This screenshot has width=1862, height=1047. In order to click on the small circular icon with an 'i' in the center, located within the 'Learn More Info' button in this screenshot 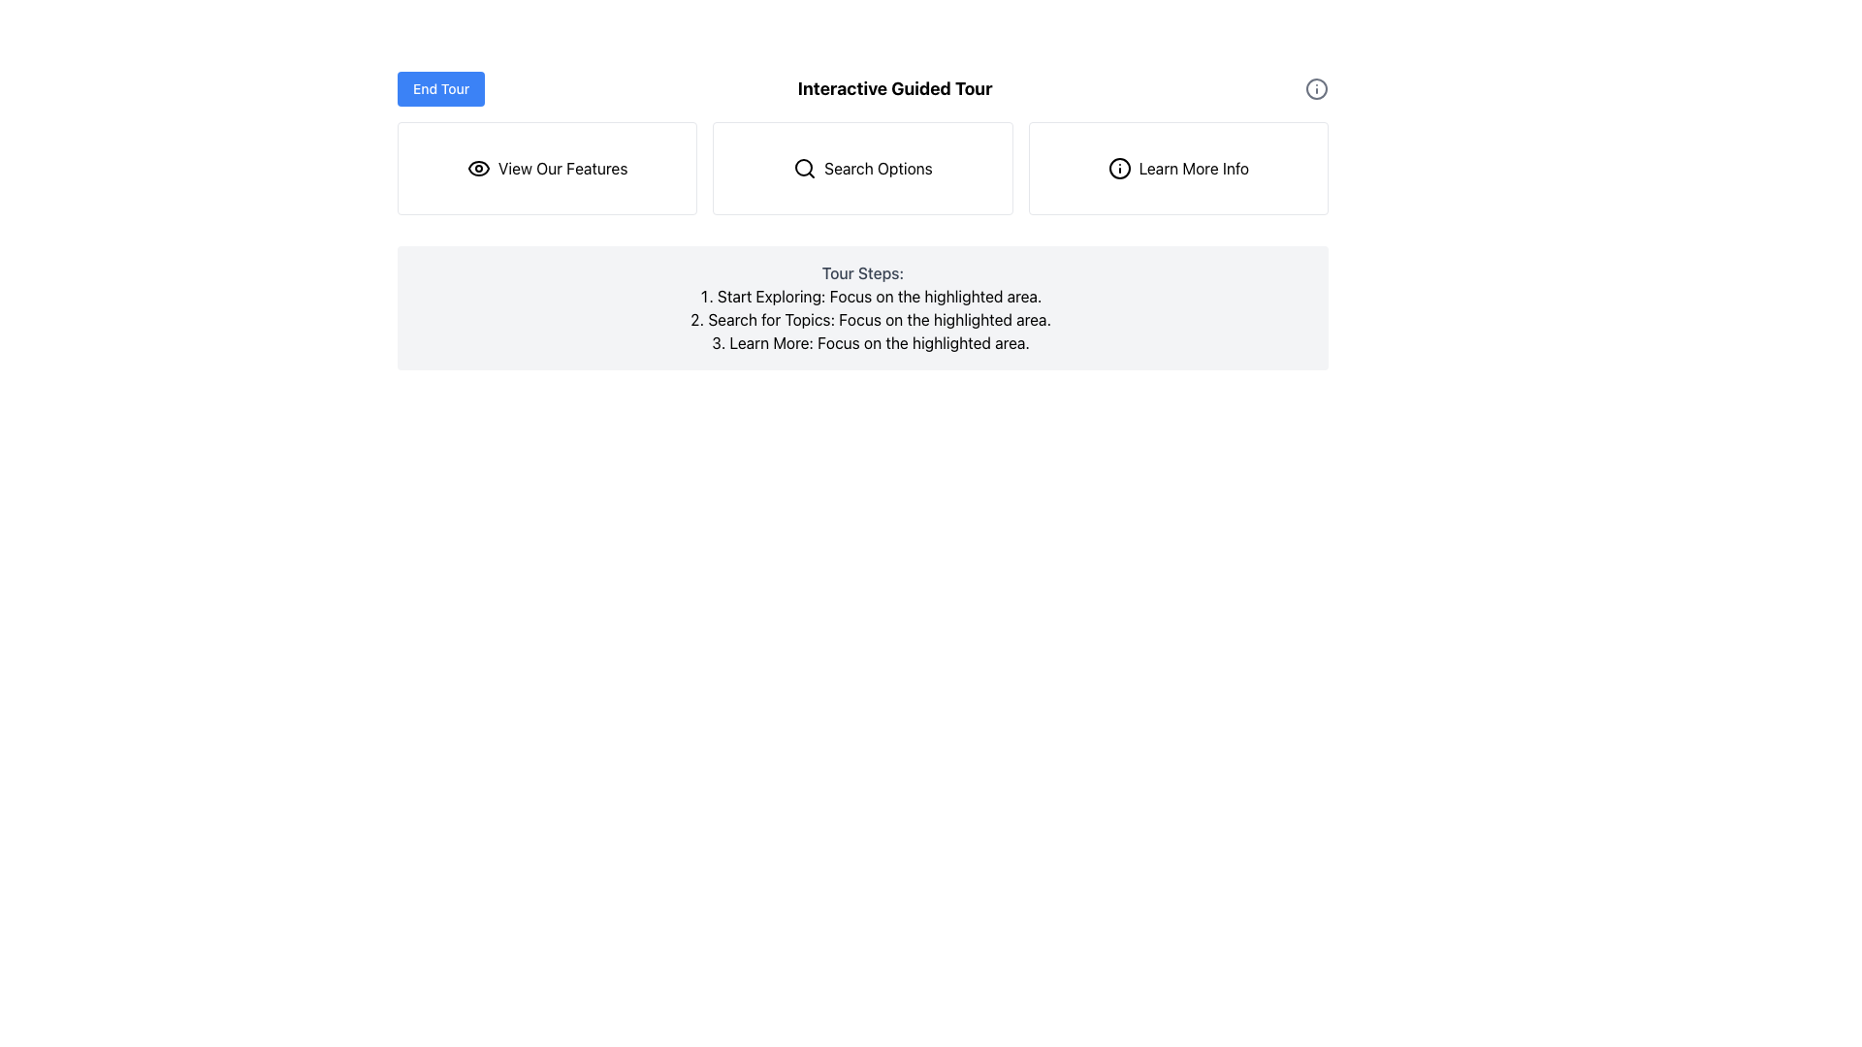, I will do `click(1119, 167)`.